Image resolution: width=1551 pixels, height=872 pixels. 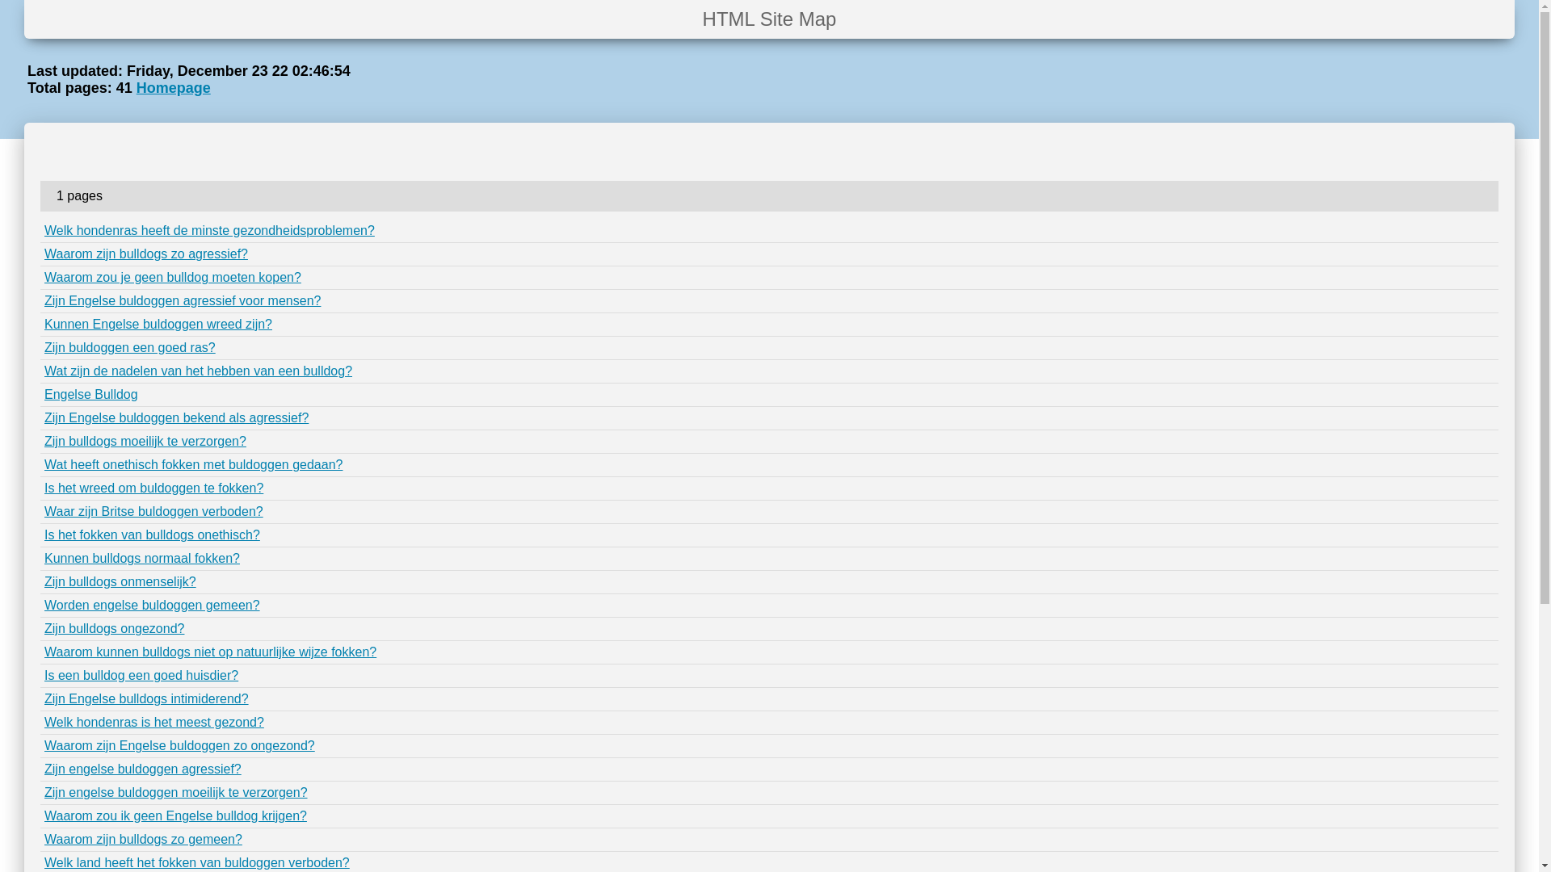 What do you see at coordinates (173, 276) in the screenshot?
I see `'Waarom zou je geen bulldog moeten kopen?'` at bounding box center [173, 276].